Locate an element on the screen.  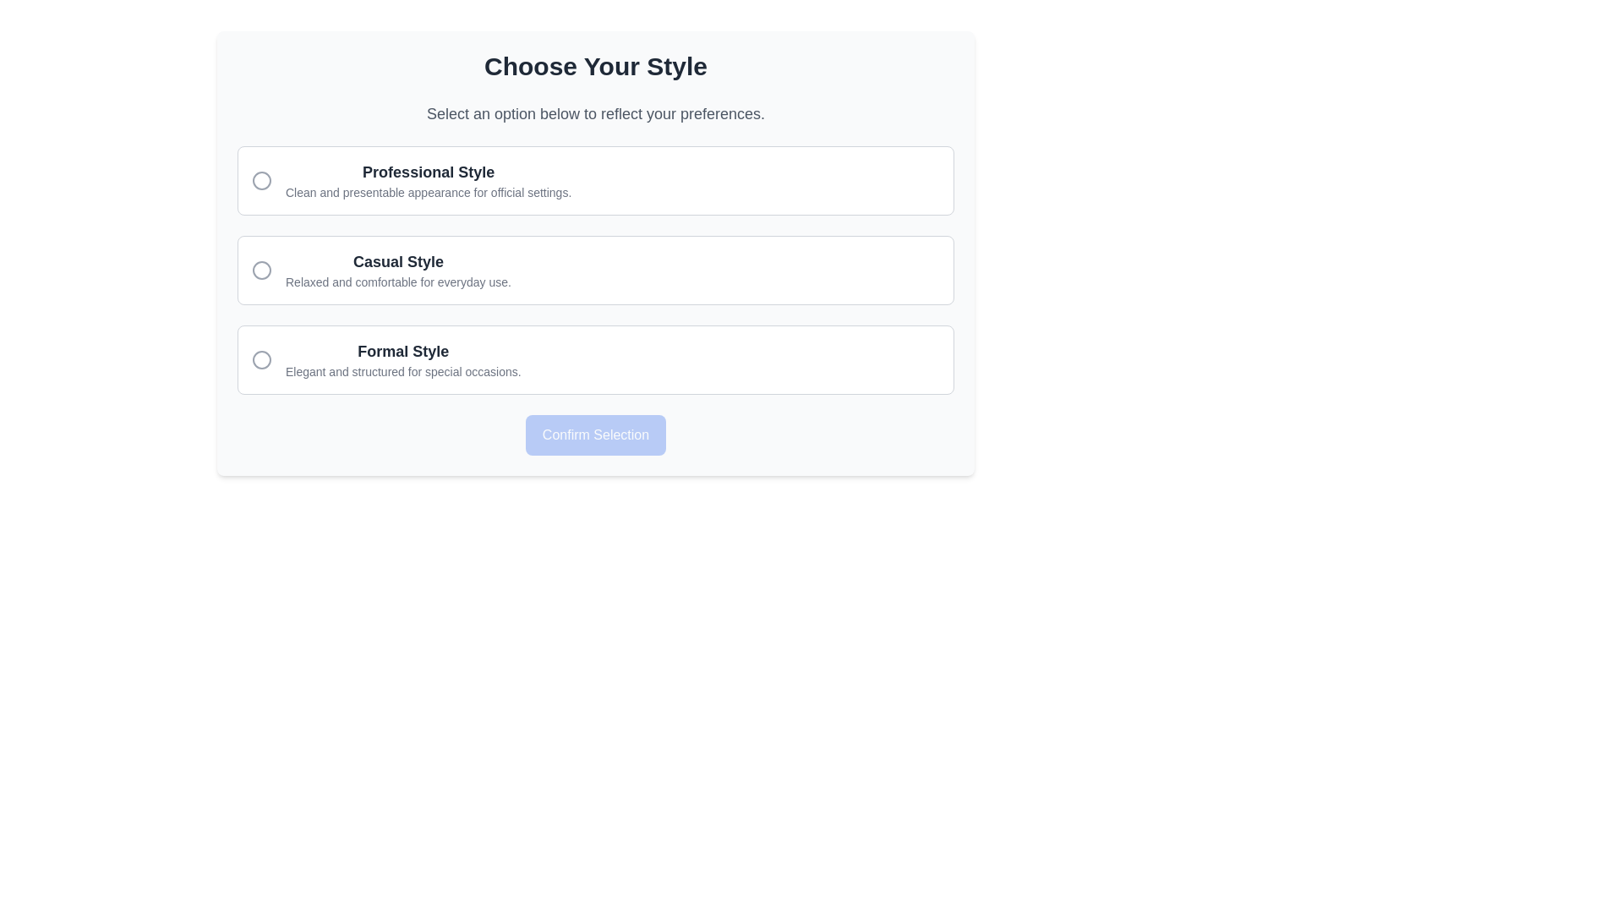
text label for the third choice option in the 'Choose Your Style' section, positioned below the 'Casual Style' option is located at coordinates (402, 351).